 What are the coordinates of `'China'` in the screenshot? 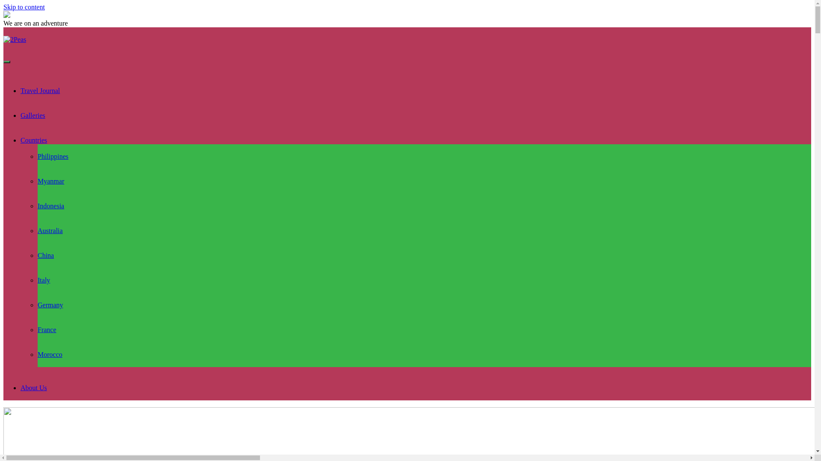 It's located at (45, 255).